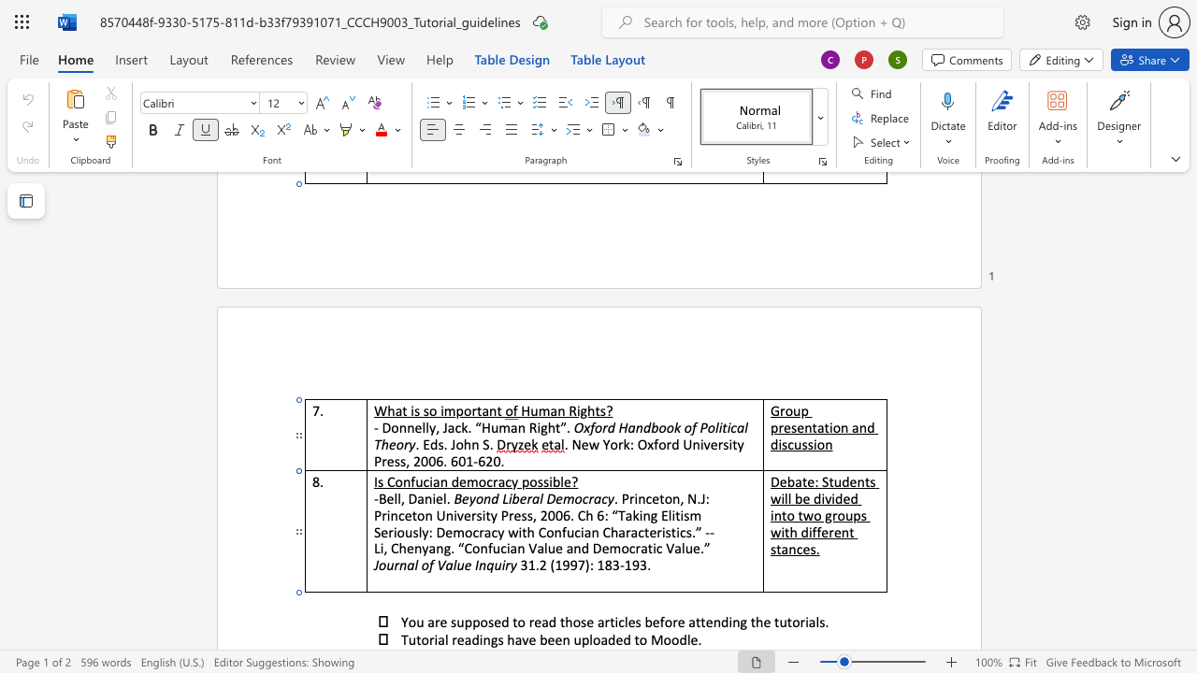  What do you see at coordinates (444, 515) in the screenshot?
I see `the space between the continuous character "U" and "n" in the text` at bounding box center [444, 515].